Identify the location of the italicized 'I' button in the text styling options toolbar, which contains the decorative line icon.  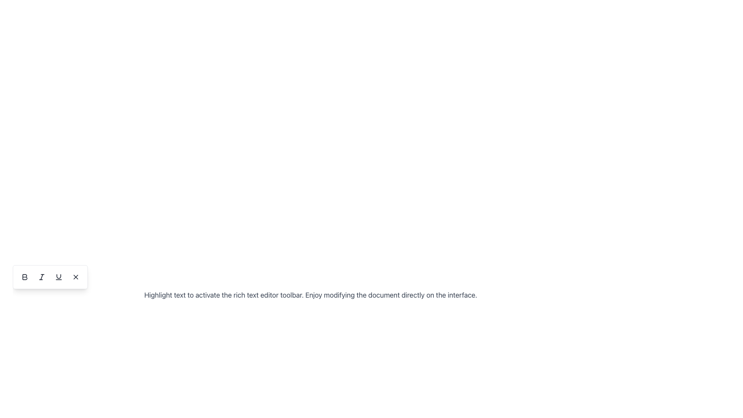
(41, 277).